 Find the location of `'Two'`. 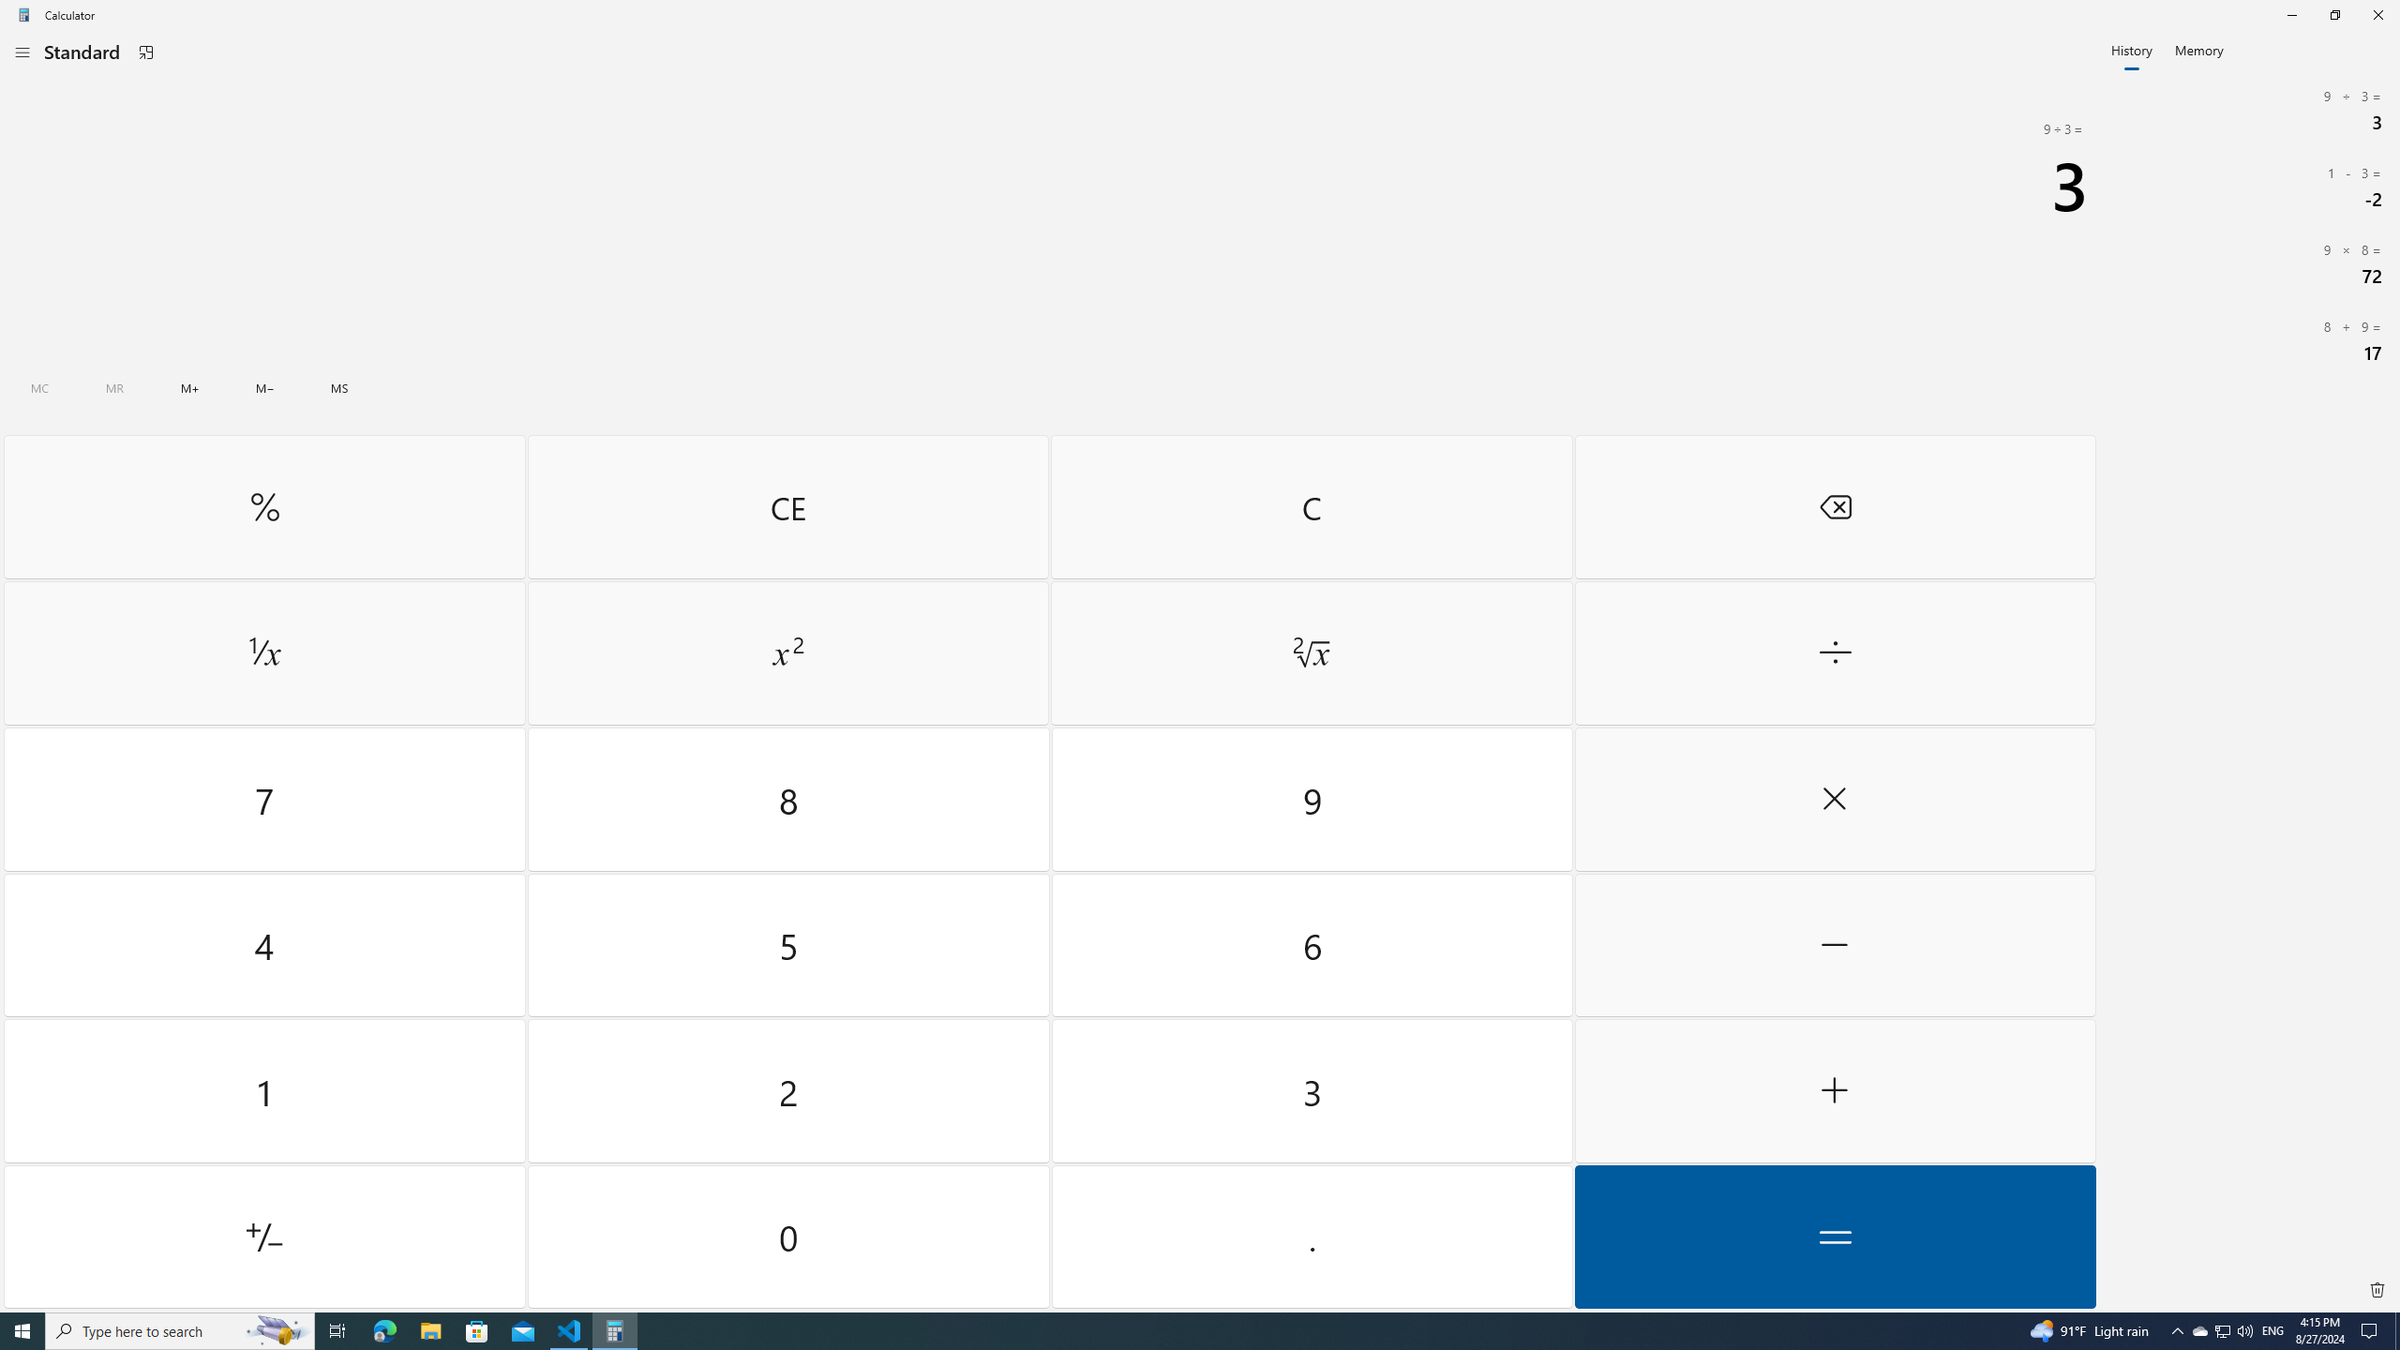

'Two' is located at coordinates (788, 1091).